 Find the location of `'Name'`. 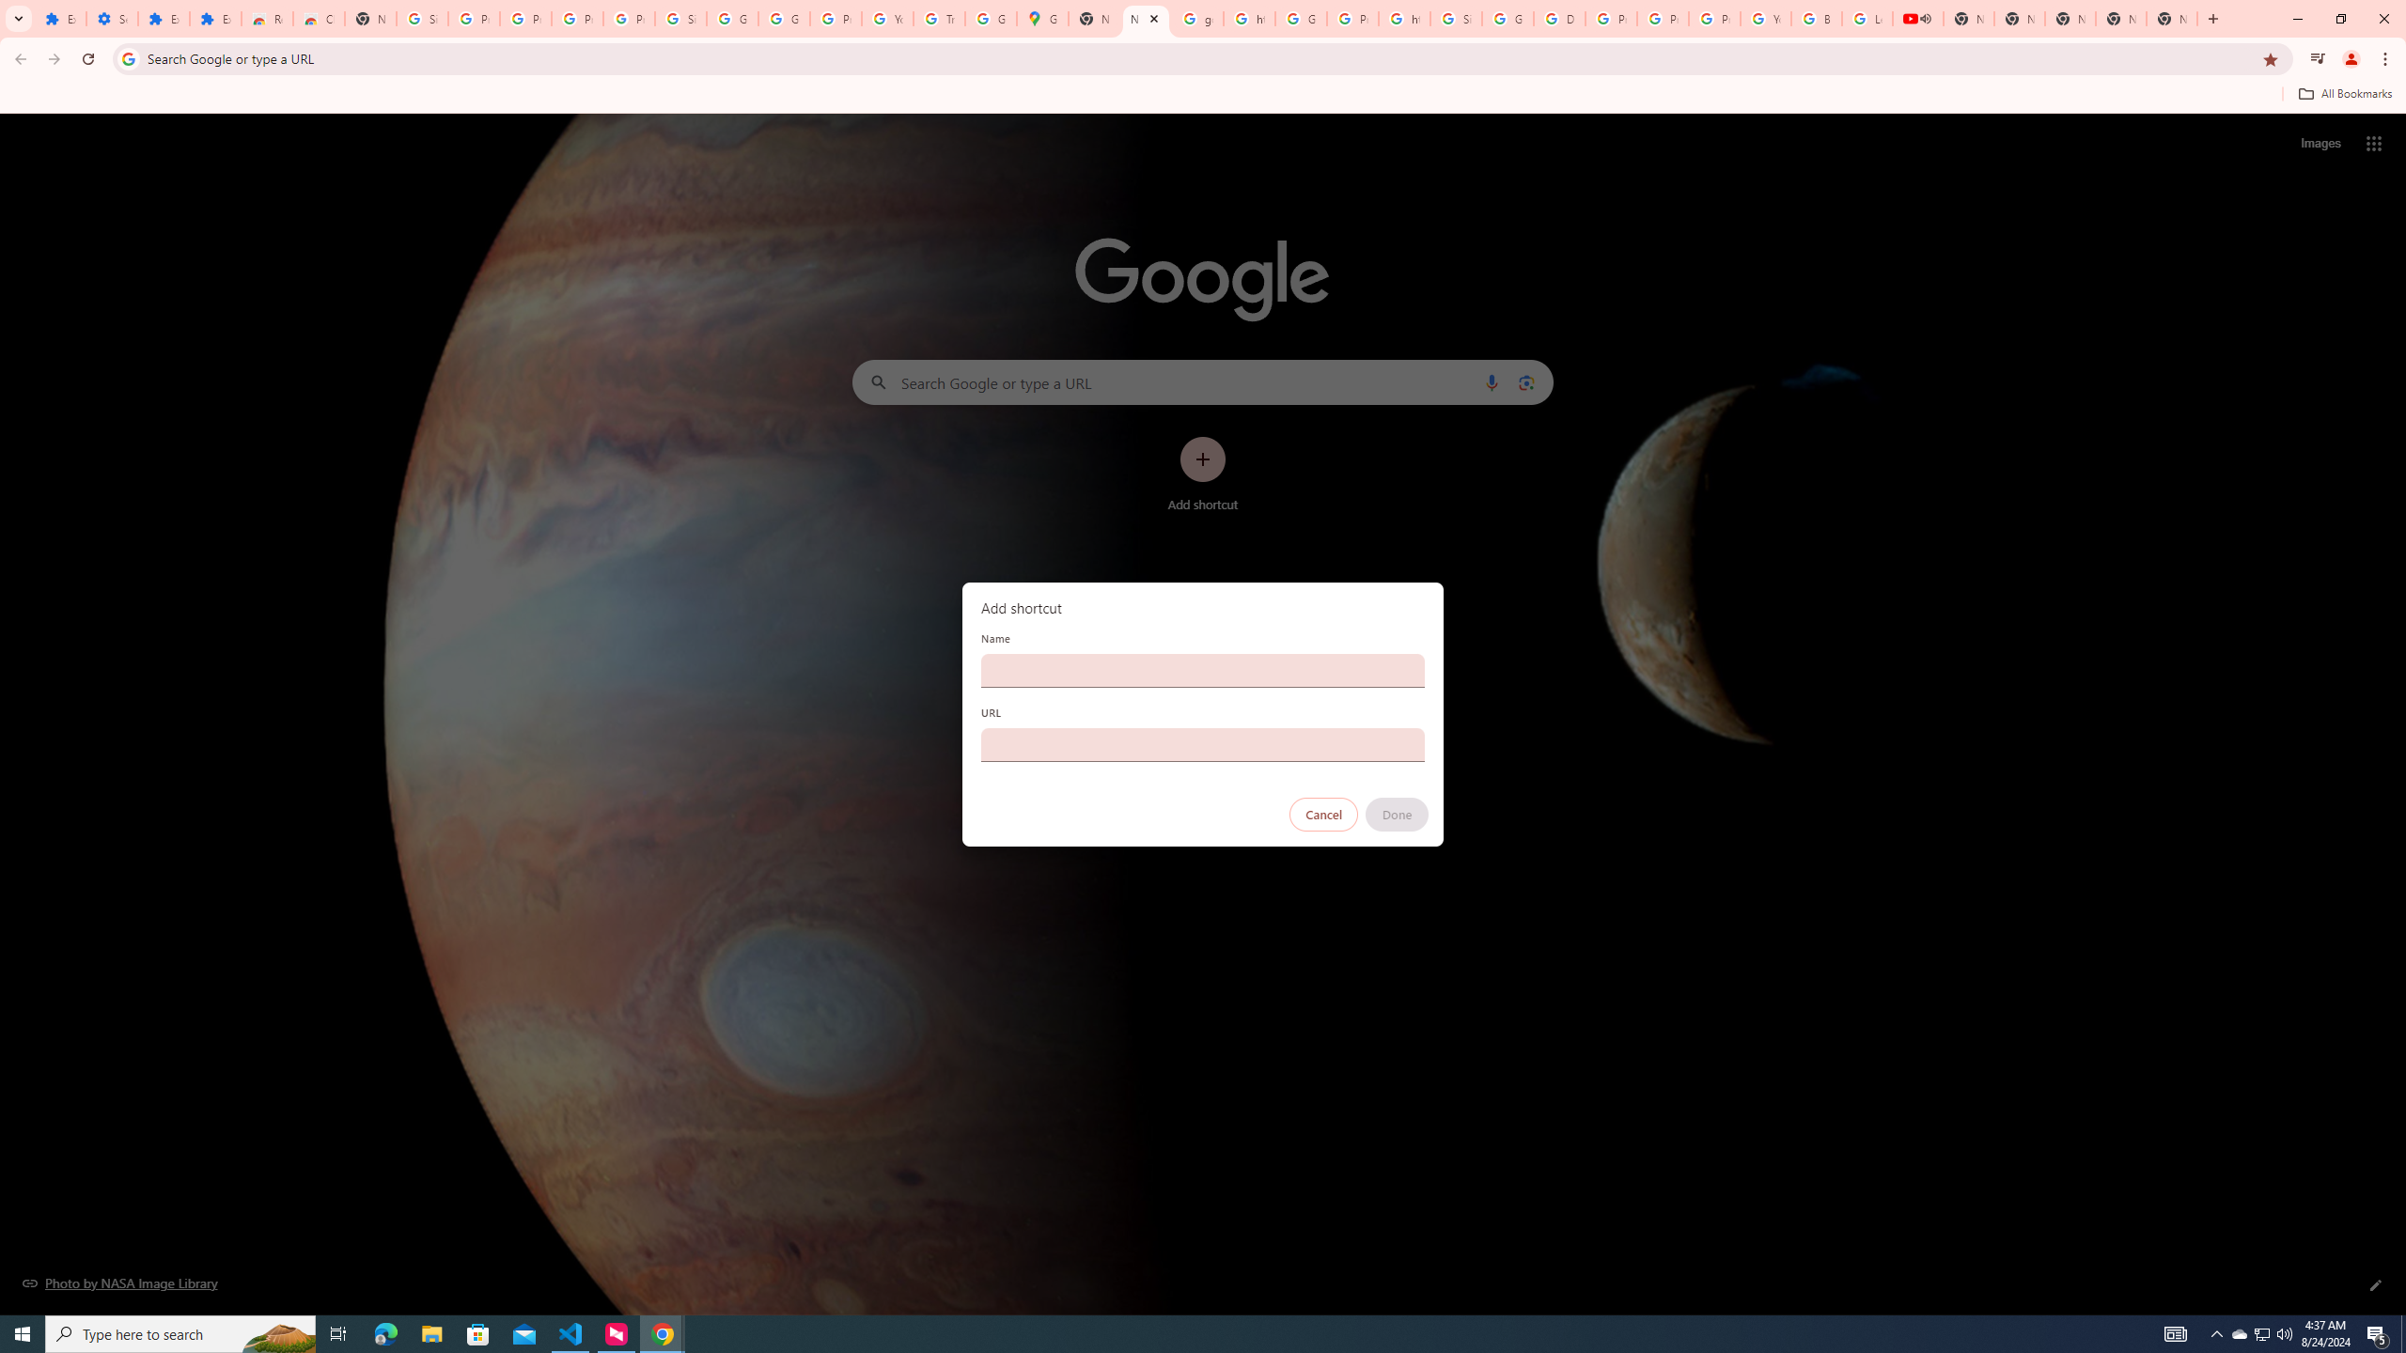

'Name' is located at coordinates (1203, 669).